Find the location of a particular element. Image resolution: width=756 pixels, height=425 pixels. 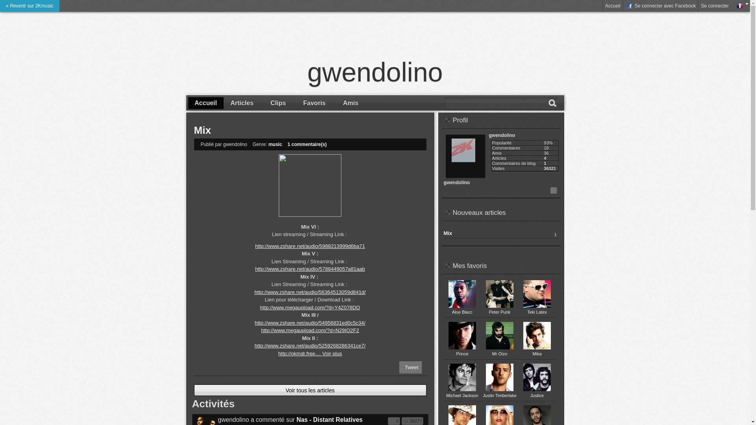

'Aloe Blacc' is located at coordinates (452, 312).